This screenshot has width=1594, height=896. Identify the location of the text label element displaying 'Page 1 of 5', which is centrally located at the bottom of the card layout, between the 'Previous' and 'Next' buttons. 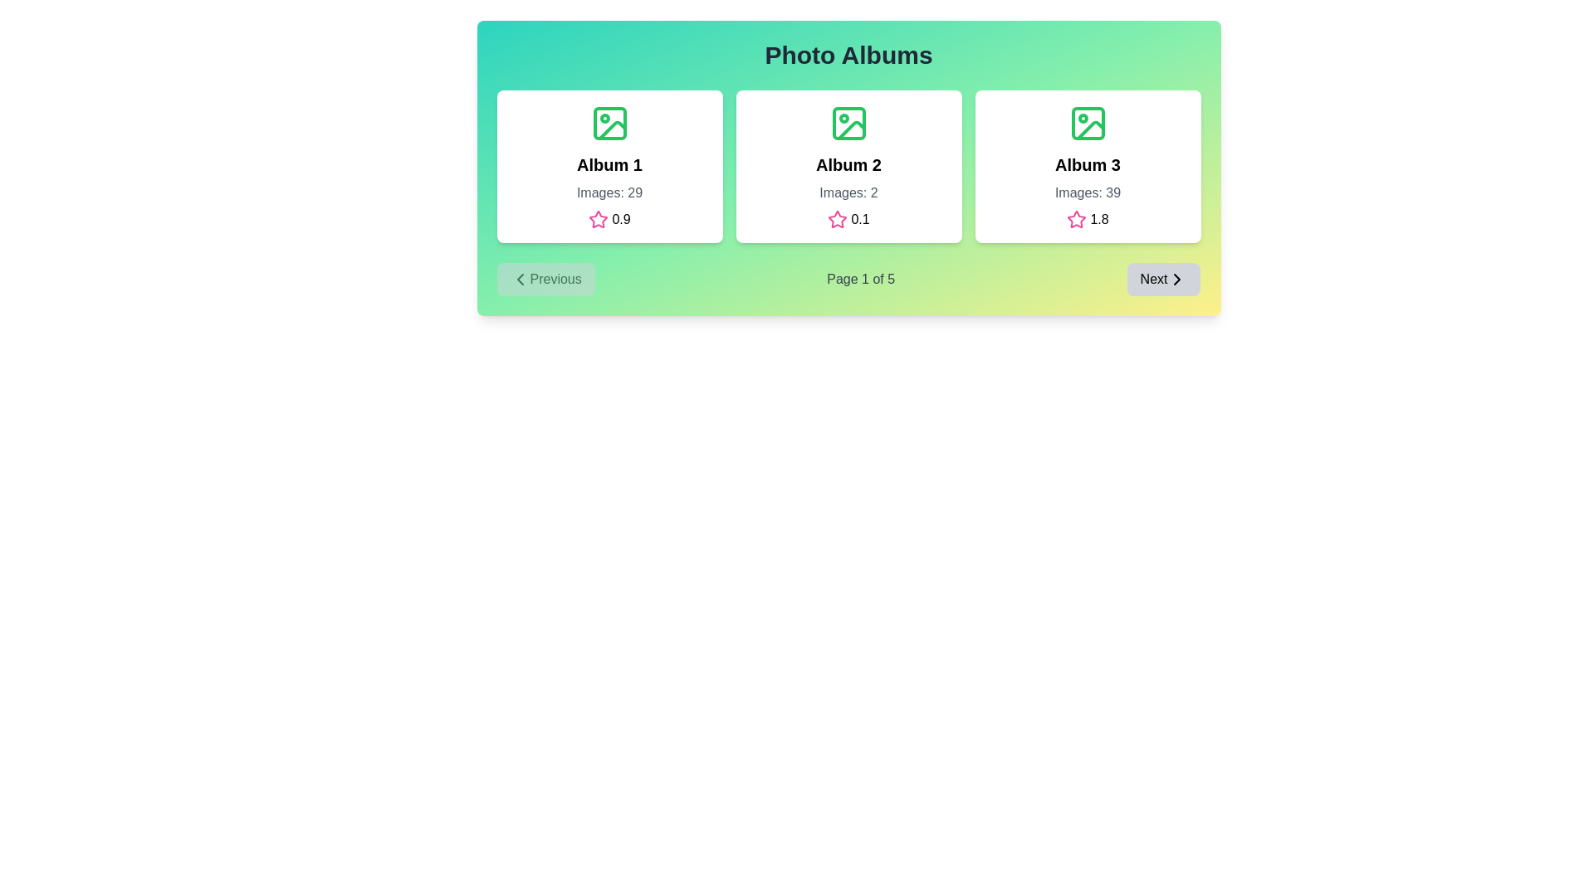
(861, 278).